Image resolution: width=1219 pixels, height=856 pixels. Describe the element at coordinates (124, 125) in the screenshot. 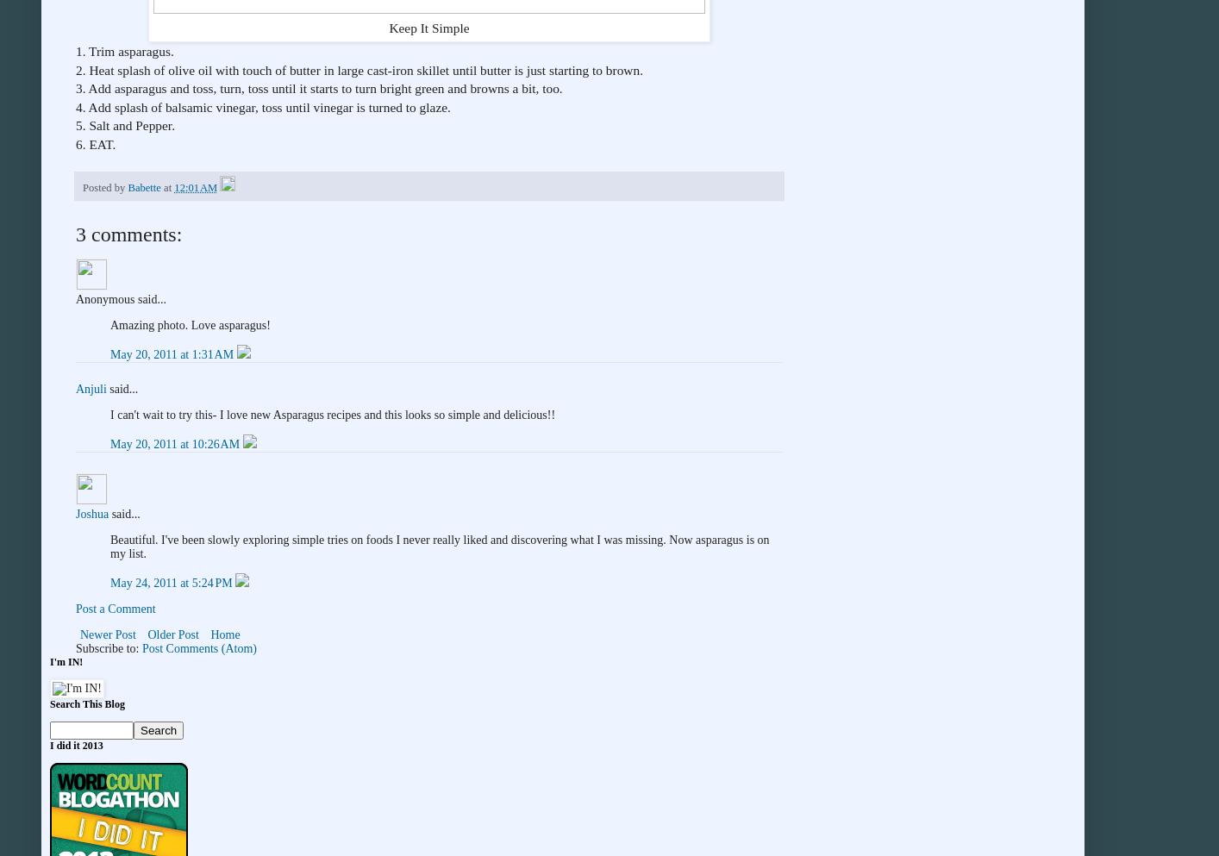

I see `'5. Salt and Pepper.'` at that location.